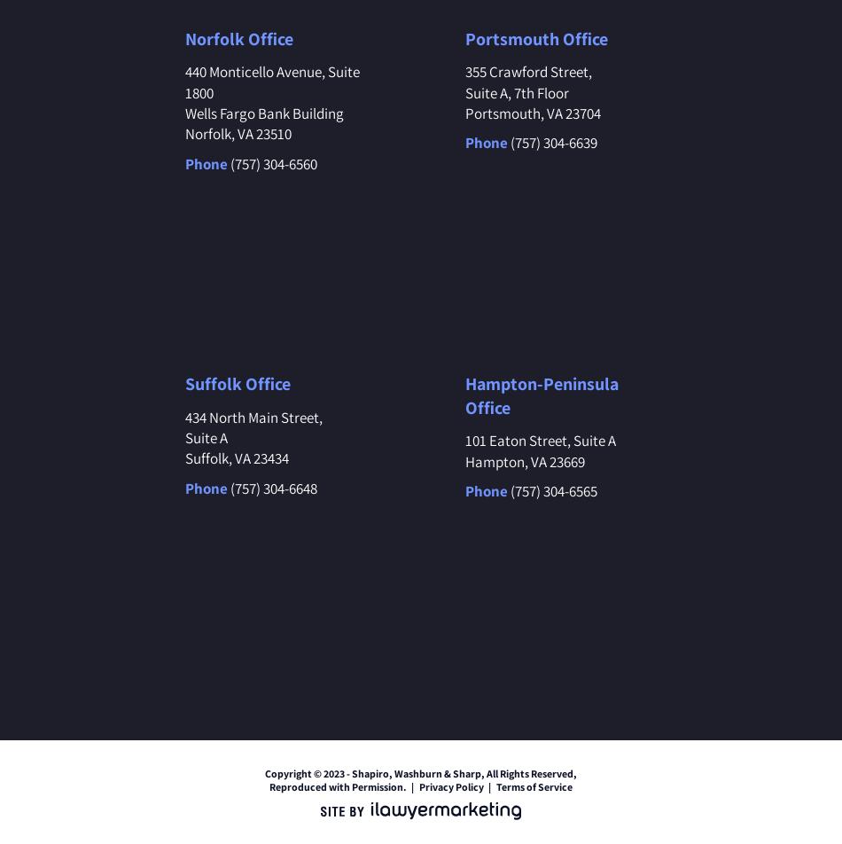  Describe the element at coordinates (464, 460) in the screenshot. I see `'Hampton, VA 23669'` at that location.